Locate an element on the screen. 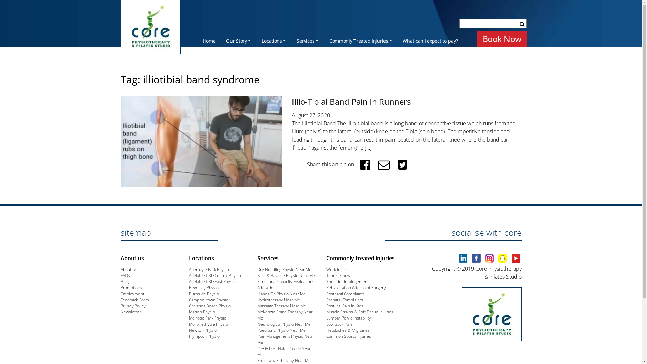 Image resolution: width=647 pixels, height=364 pixels. 'About Us' is located at coordinates (129, 269).